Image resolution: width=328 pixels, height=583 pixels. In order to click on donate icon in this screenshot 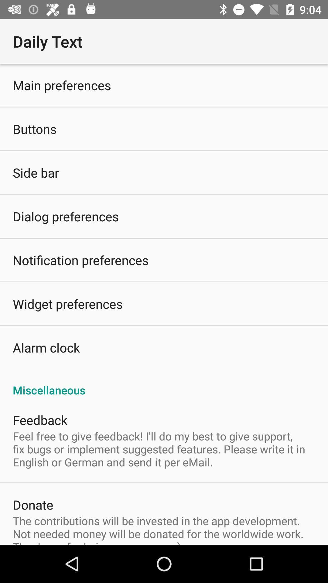, I will do `click(33, 504)`.